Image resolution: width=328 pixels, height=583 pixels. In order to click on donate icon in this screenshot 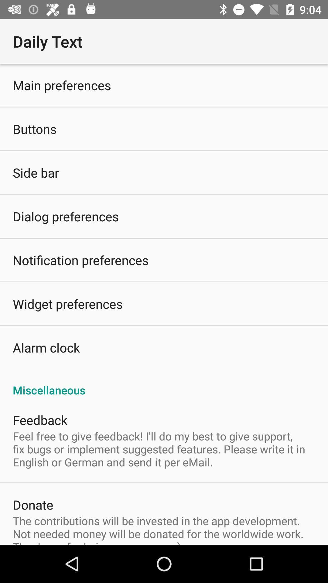, I will do `click(33, 504)`.